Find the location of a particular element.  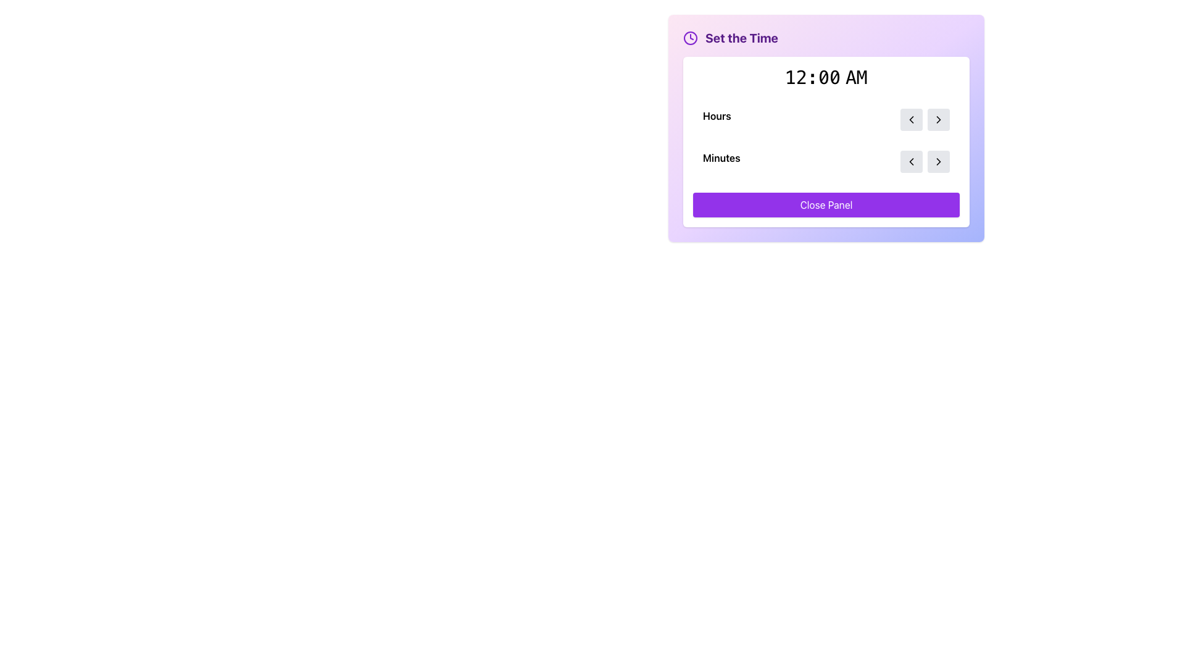

the left-pointing chevron icon within the button located at the top-right corner of the panel under the 'Hours' label, which has a light gray background and rounded corners is located at coordinates (912, 119).